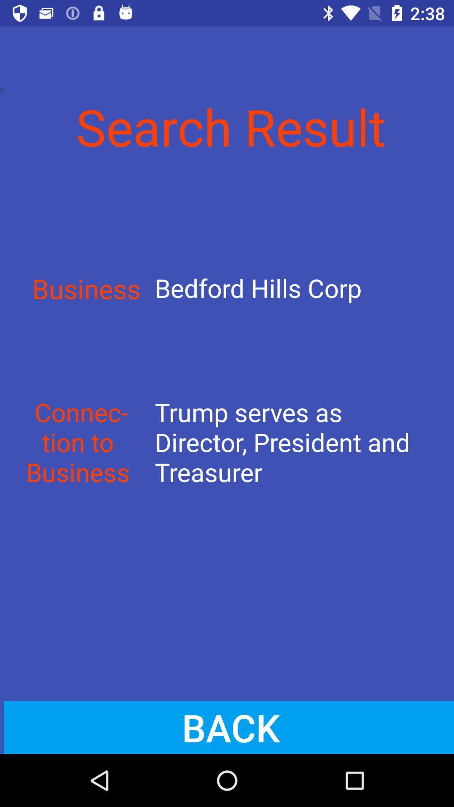 This screenshot has height=807, width=454. Describe the element at coordinates (227, 727) in the screenshot. I see `the back` at that location.